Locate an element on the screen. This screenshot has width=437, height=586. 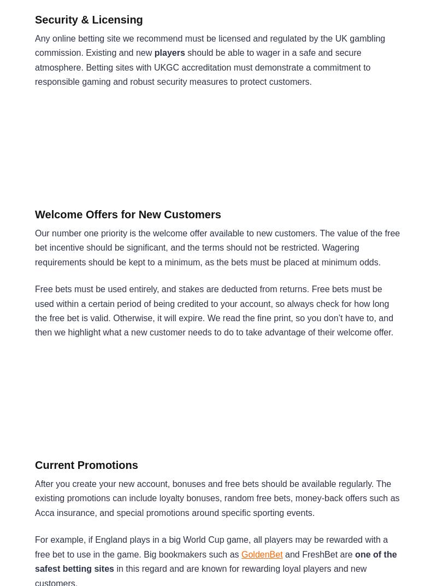
'players' is located at coordinates (154, 53).